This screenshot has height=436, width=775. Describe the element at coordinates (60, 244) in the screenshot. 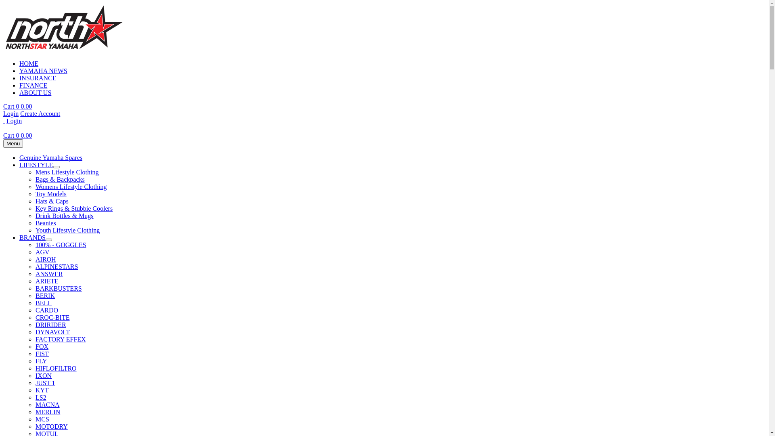

I see `'100% - GOGGLES'` at that location.